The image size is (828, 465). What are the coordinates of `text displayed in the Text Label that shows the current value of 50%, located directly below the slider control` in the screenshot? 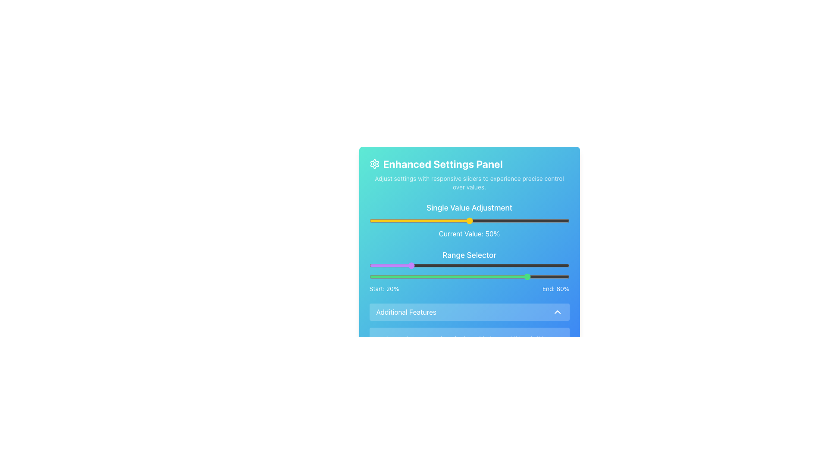 It's located at (469, 234).